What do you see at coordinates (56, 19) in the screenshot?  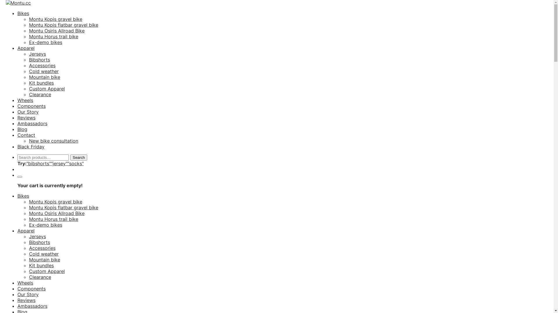 I see `'Montu Kopis gravel bike'` at bounding box center [56, 19].